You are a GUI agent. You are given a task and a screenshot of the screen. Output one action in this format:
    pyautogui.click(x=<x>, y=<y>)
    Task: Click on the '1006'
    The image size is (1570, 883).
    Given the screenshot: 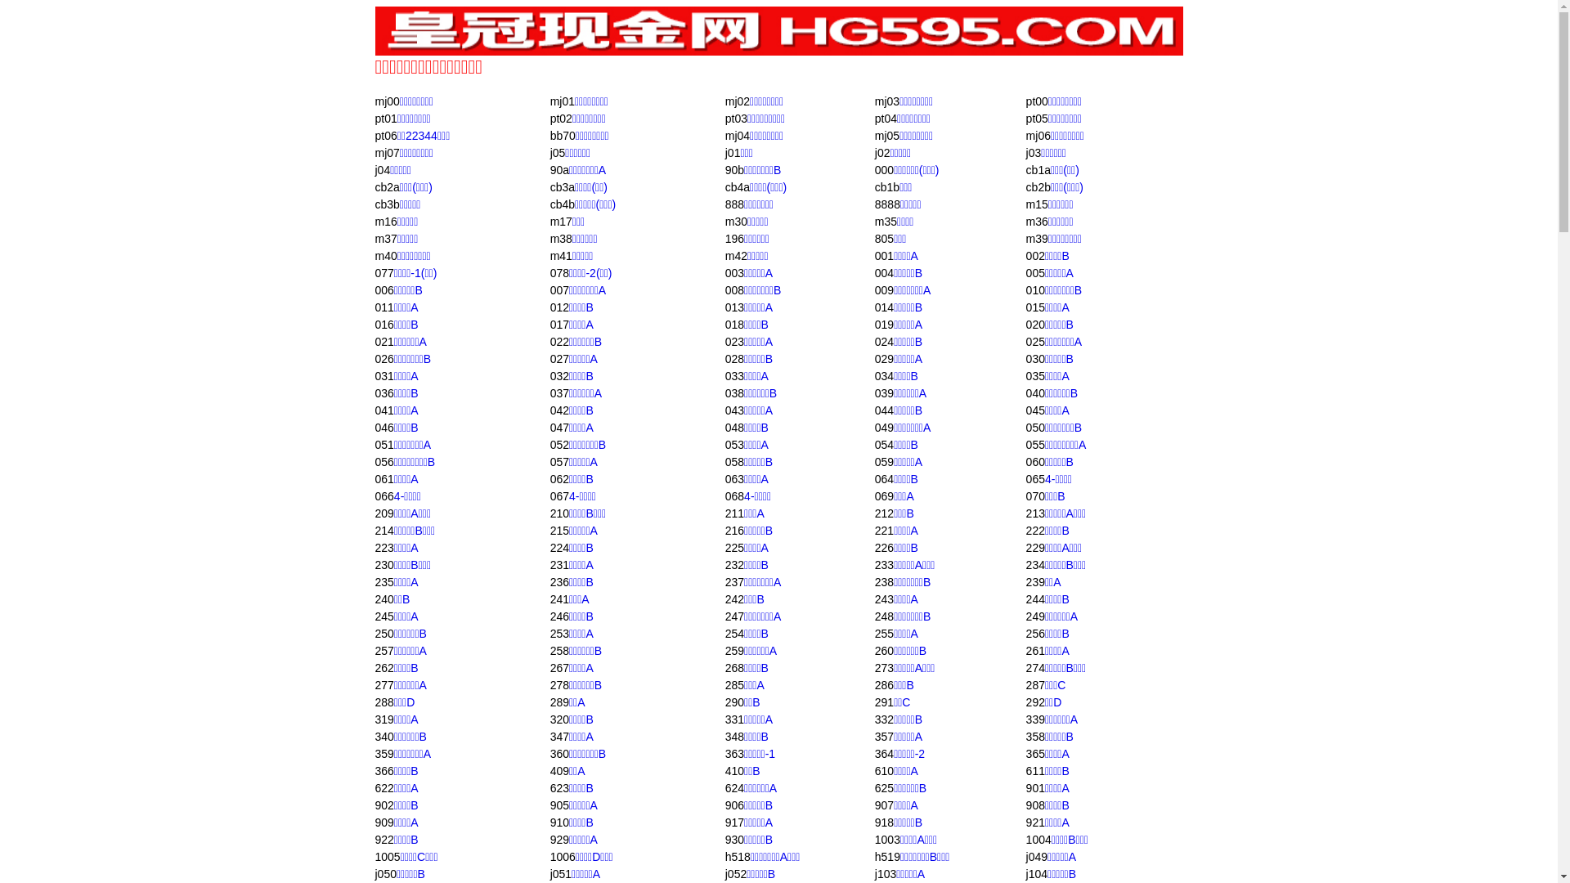 What is the action you would take?
    pyautogui.click(x=549, y=856)
    